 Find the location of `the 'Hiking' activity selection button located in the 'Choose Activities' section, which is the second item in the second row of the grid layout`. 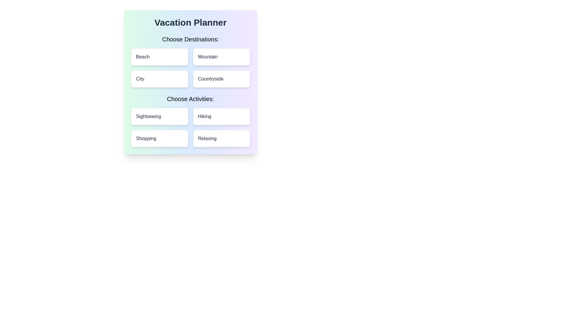

the 'Hiking' activity selection button located in the 'Choose Activities' section, which is the second item in the second row of the grid layout is located at coordinates (221, 116).